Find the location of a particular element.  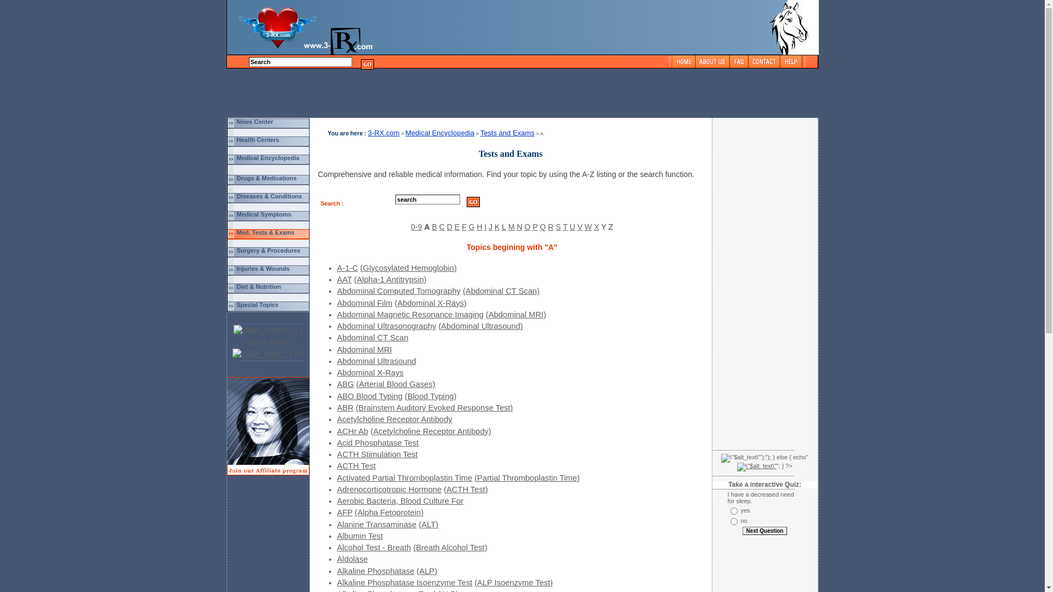

'A-1-C' is located at coordinates (336, 268).